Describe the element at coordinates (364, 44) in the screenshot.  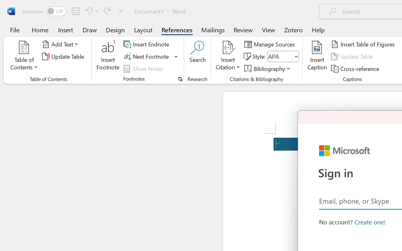
I see `'Insert Table of Figures...'` at that location.